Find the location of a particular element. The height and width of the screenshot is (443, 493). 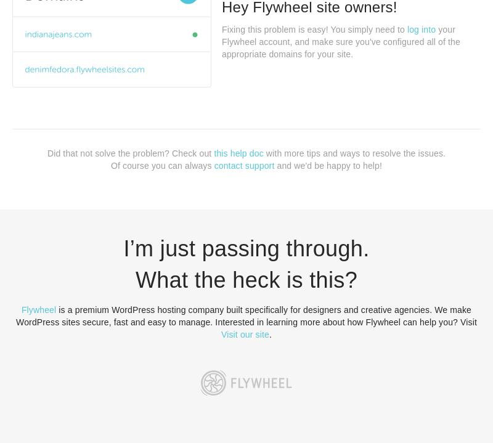

'is a premium WordPress hosting company built specifically for designers and creative agencies. We make WordPress sites secure, fast and easy to manage. Interested in learning more about how Flywheel can help you? Visit' is located at coordinates (245, 316).